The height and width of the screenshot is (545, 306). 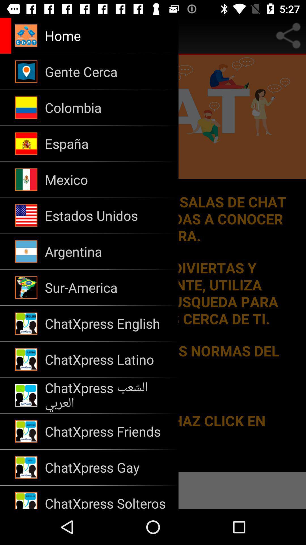 What do you see at coordinates (108, 215) in the screenshot?
I see `estados unidos icon` at bounding box center [108, 215].